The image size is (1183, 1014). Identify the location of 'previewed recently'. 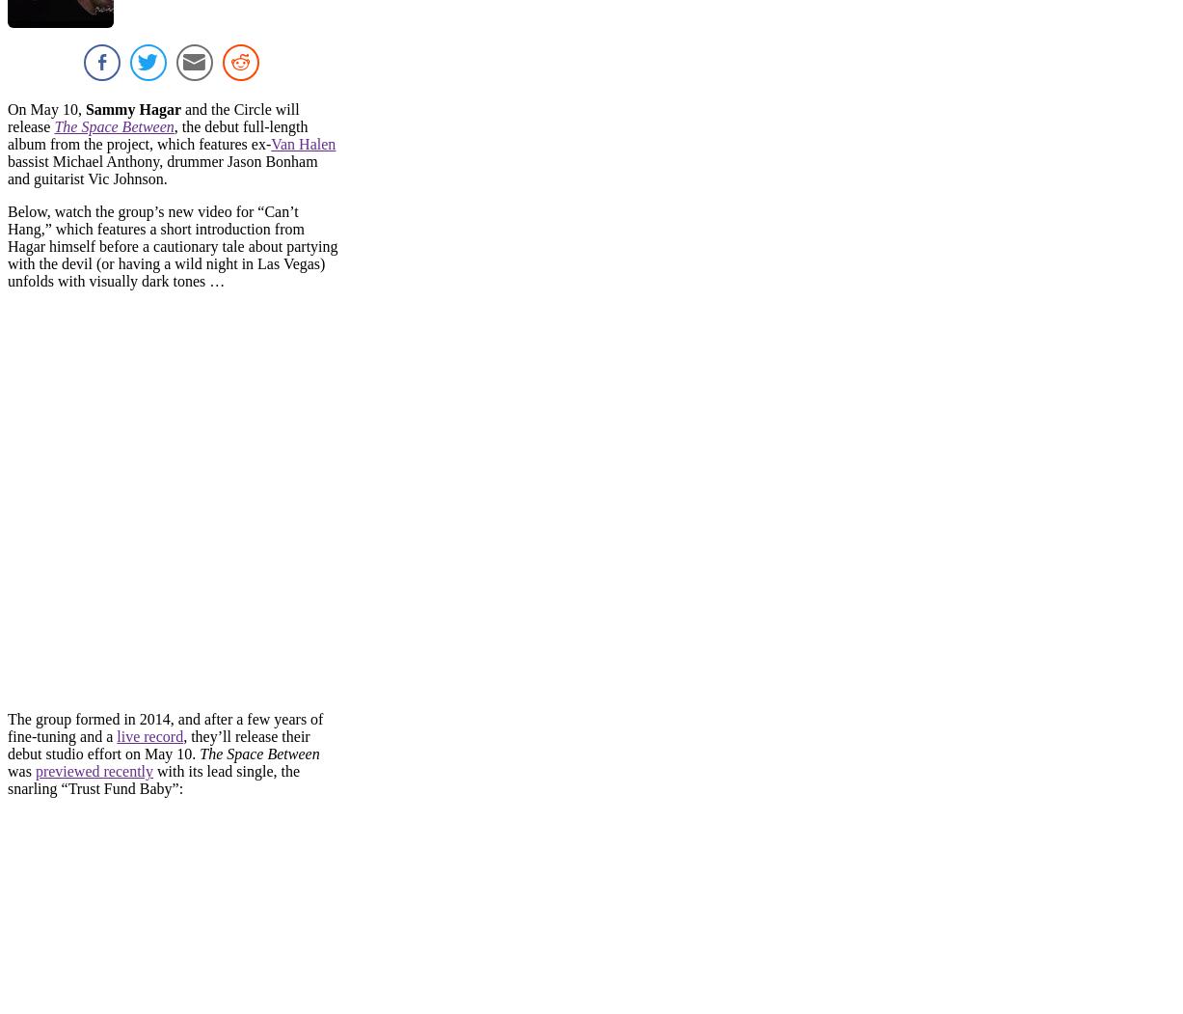
(94, 770).